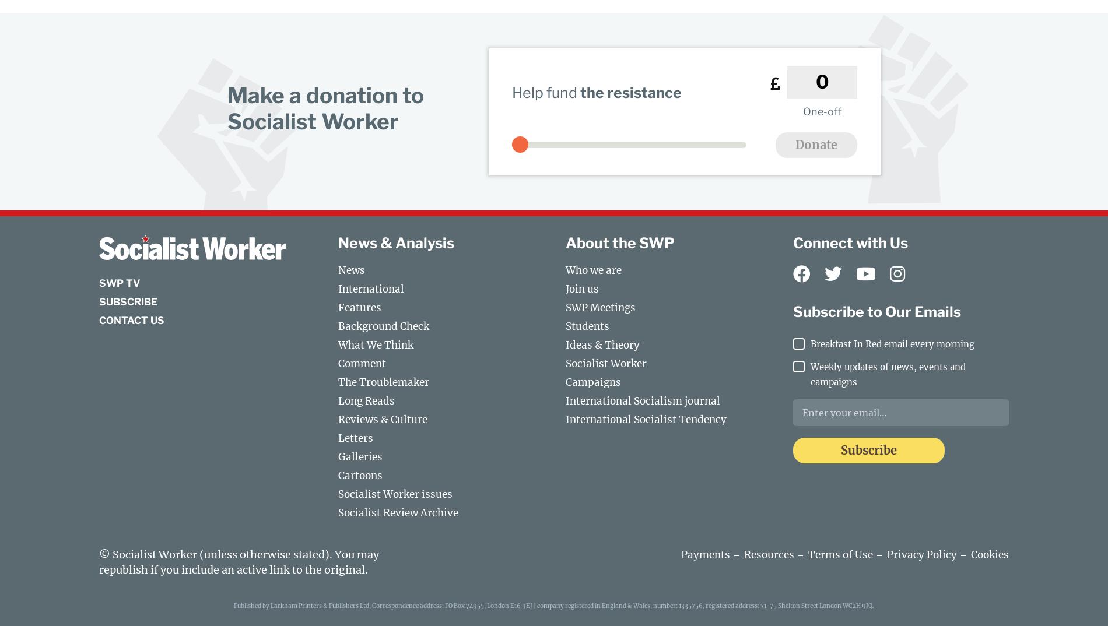 The width and height of the screenshot is (1108, 626). What do you see at coordinates (593, 381) in the screenshot?
I see `'Campaigns'` at bounding box center [593, 381].